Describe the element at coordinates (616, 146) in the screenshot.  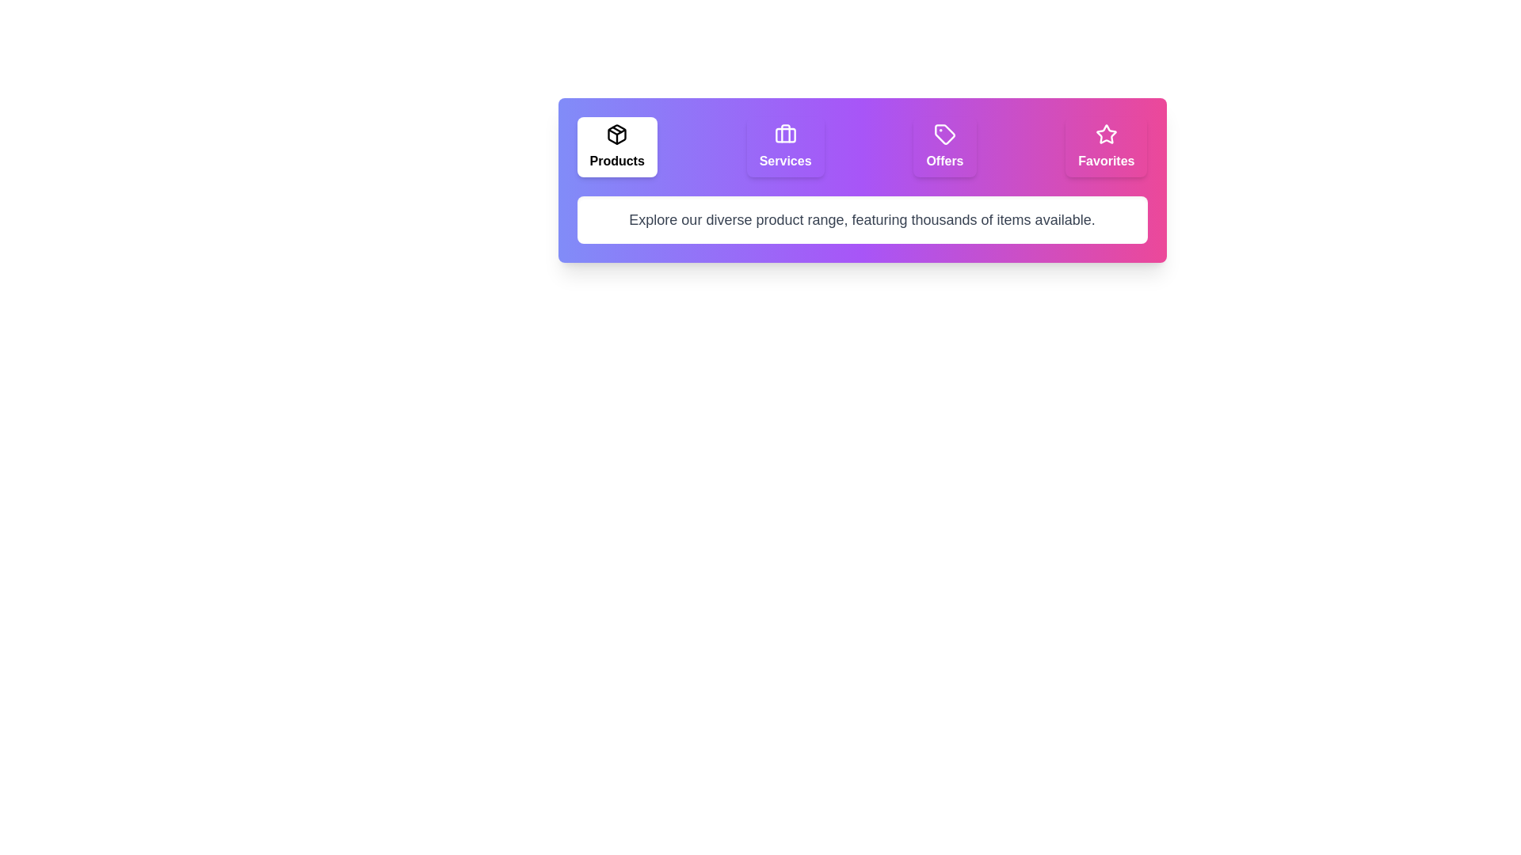
I see `the tab labeled Products to select it` at that location.